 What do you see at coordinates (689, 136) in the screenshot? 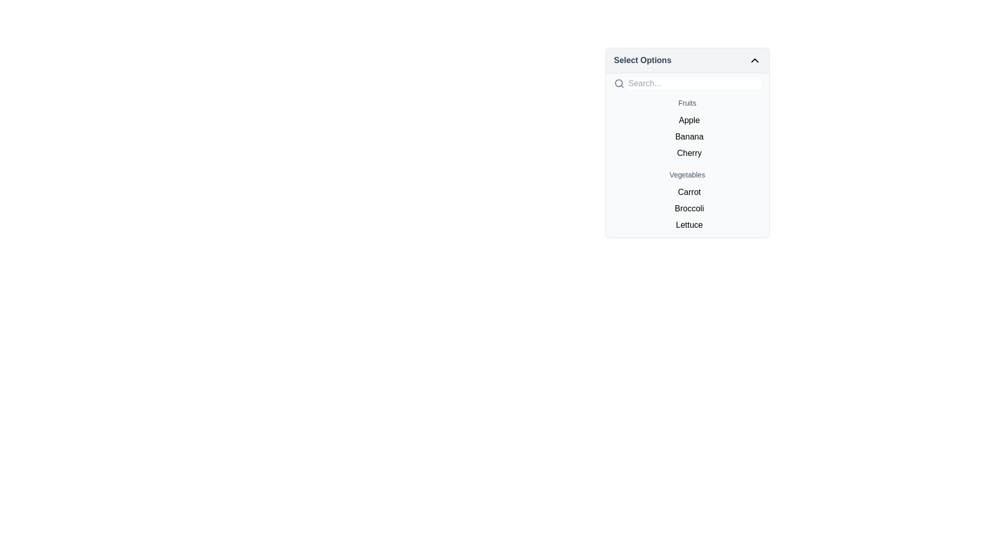
I see `the second item in the dropdown menu under the 'Fruits' category` at bounding box center [689, 136].